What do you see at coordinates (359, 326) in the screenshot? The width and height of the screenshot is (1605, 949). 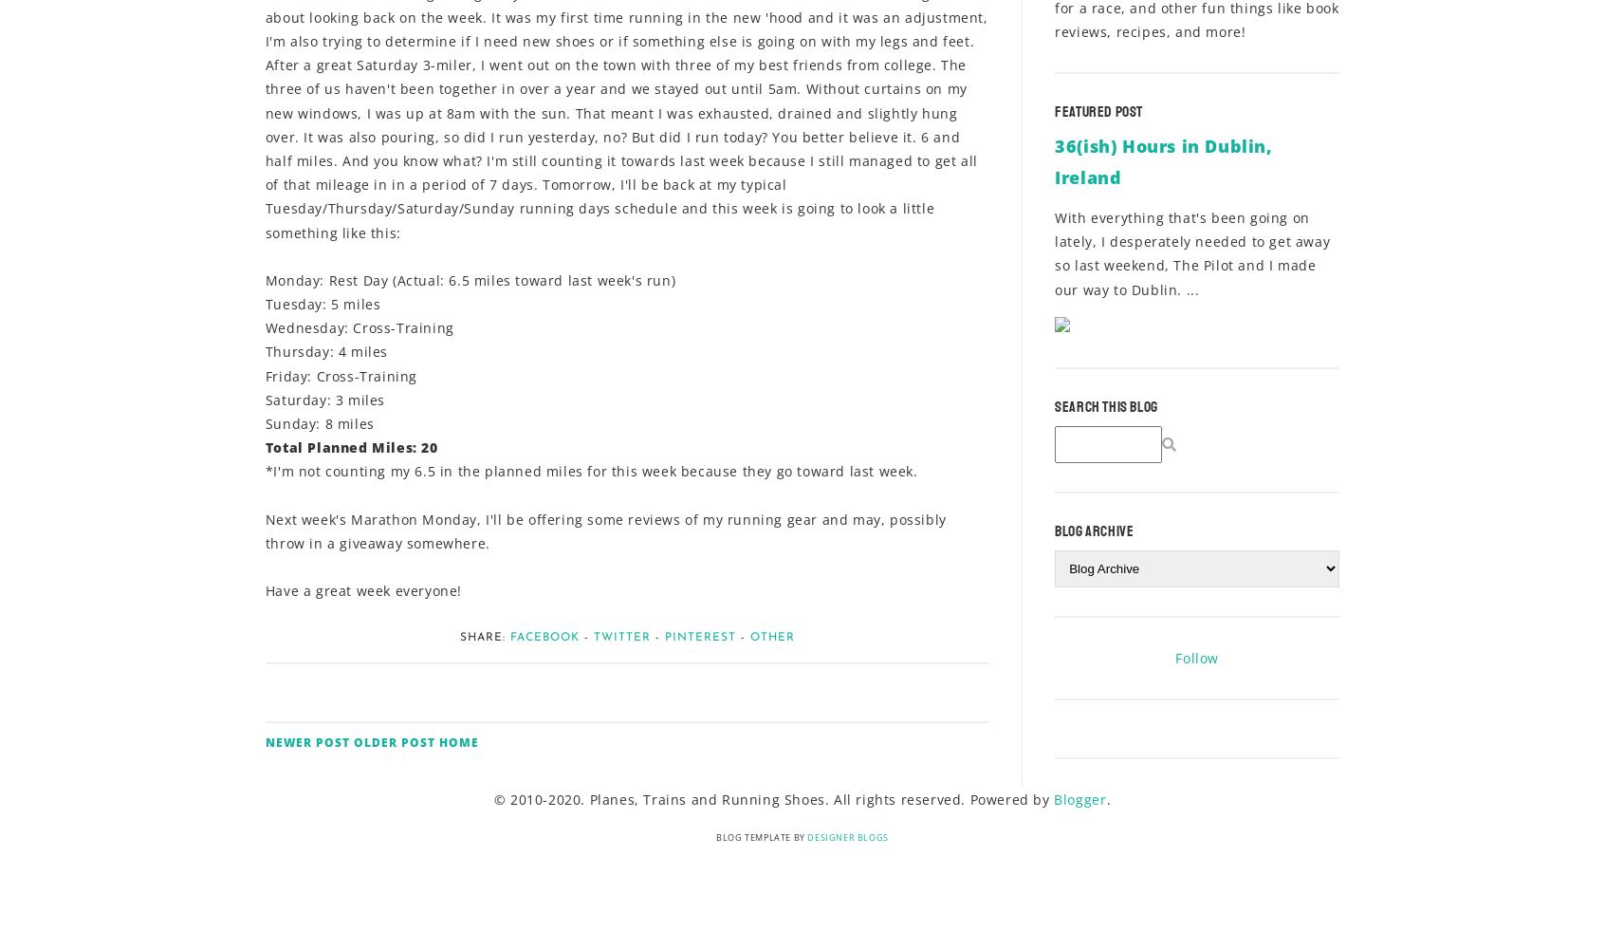 I see `'Wednesday: Cross-Training'` at bounding box center [359, 326].